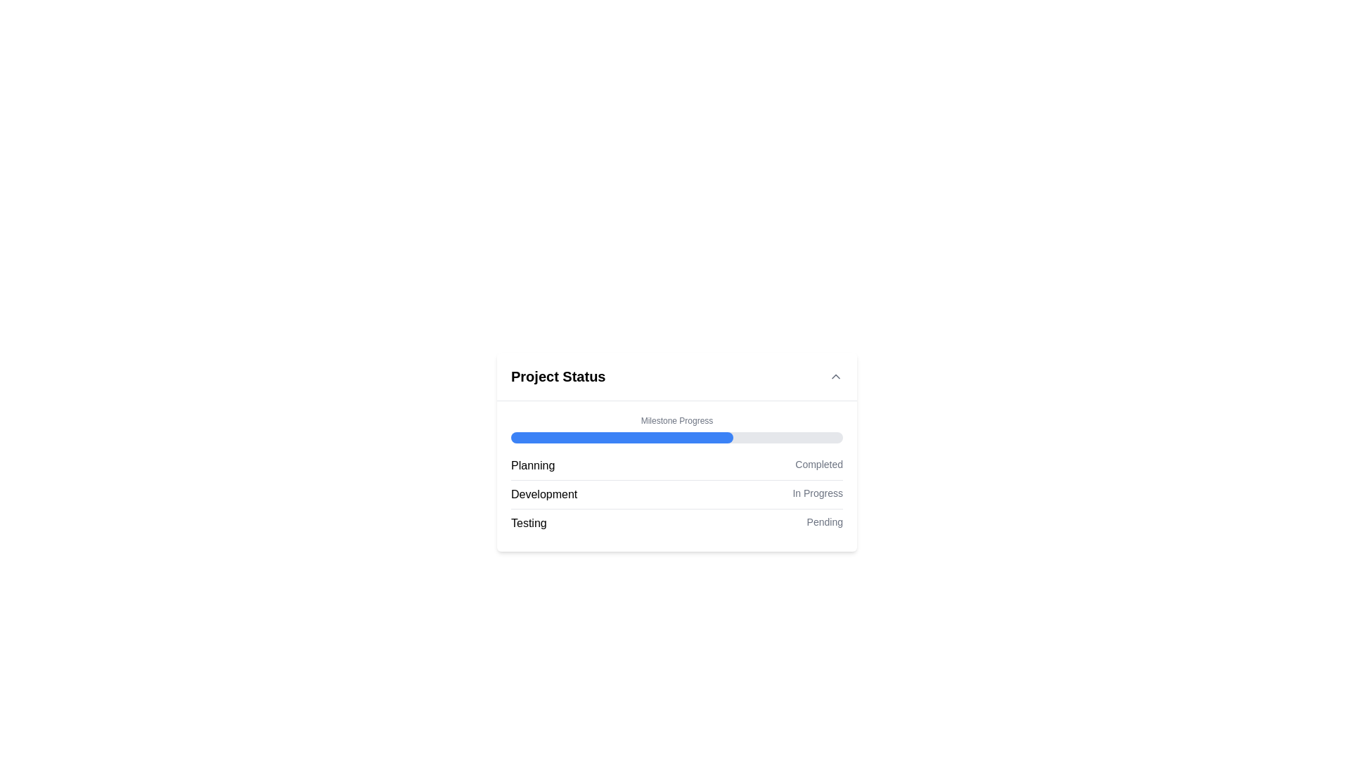 The width and height of the screenshot is (1350, 759). What do you see at coordinates (544, 494) in the screenshot?
I see `the 'Development' text label, which is the leftmost text in the second row of the project status list` at bounding box center [544, 494].